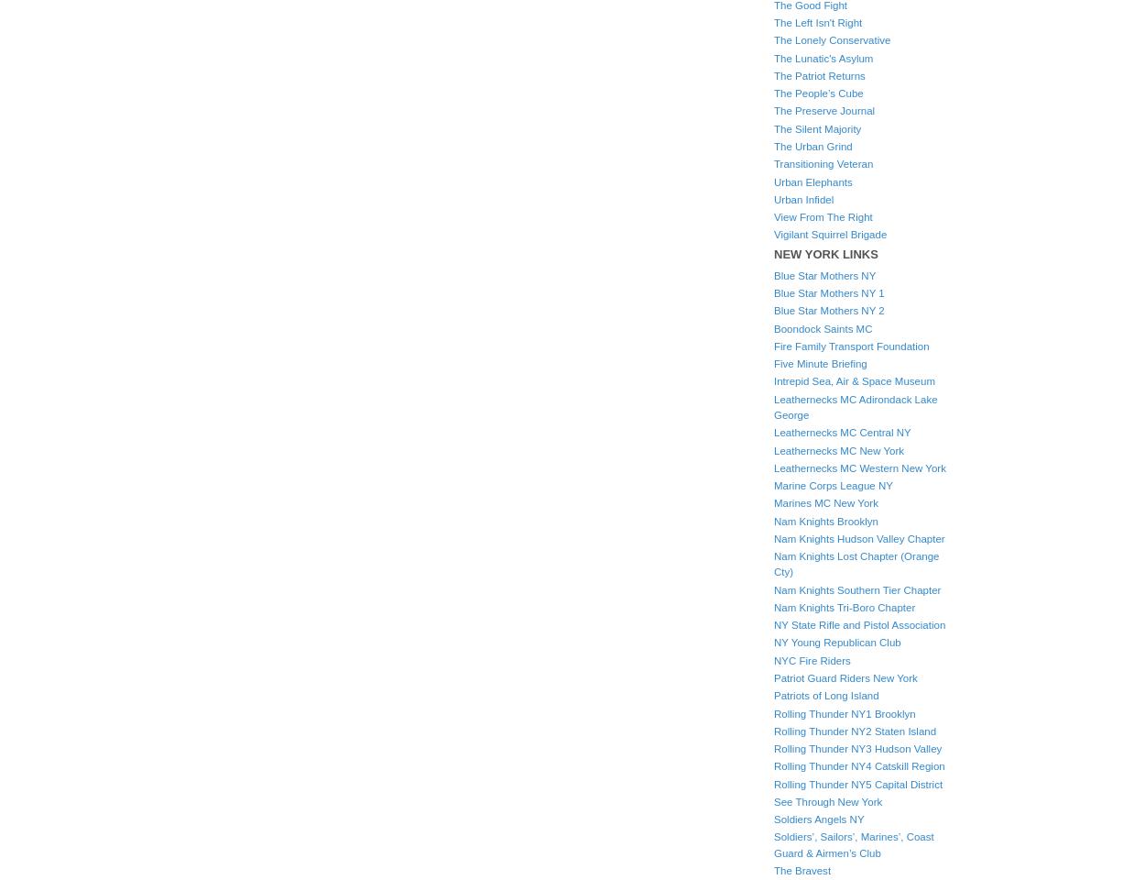  Describe the element at coordinates (818, 93) in the screenshot. I see `'The People’s Cube'` at that location.